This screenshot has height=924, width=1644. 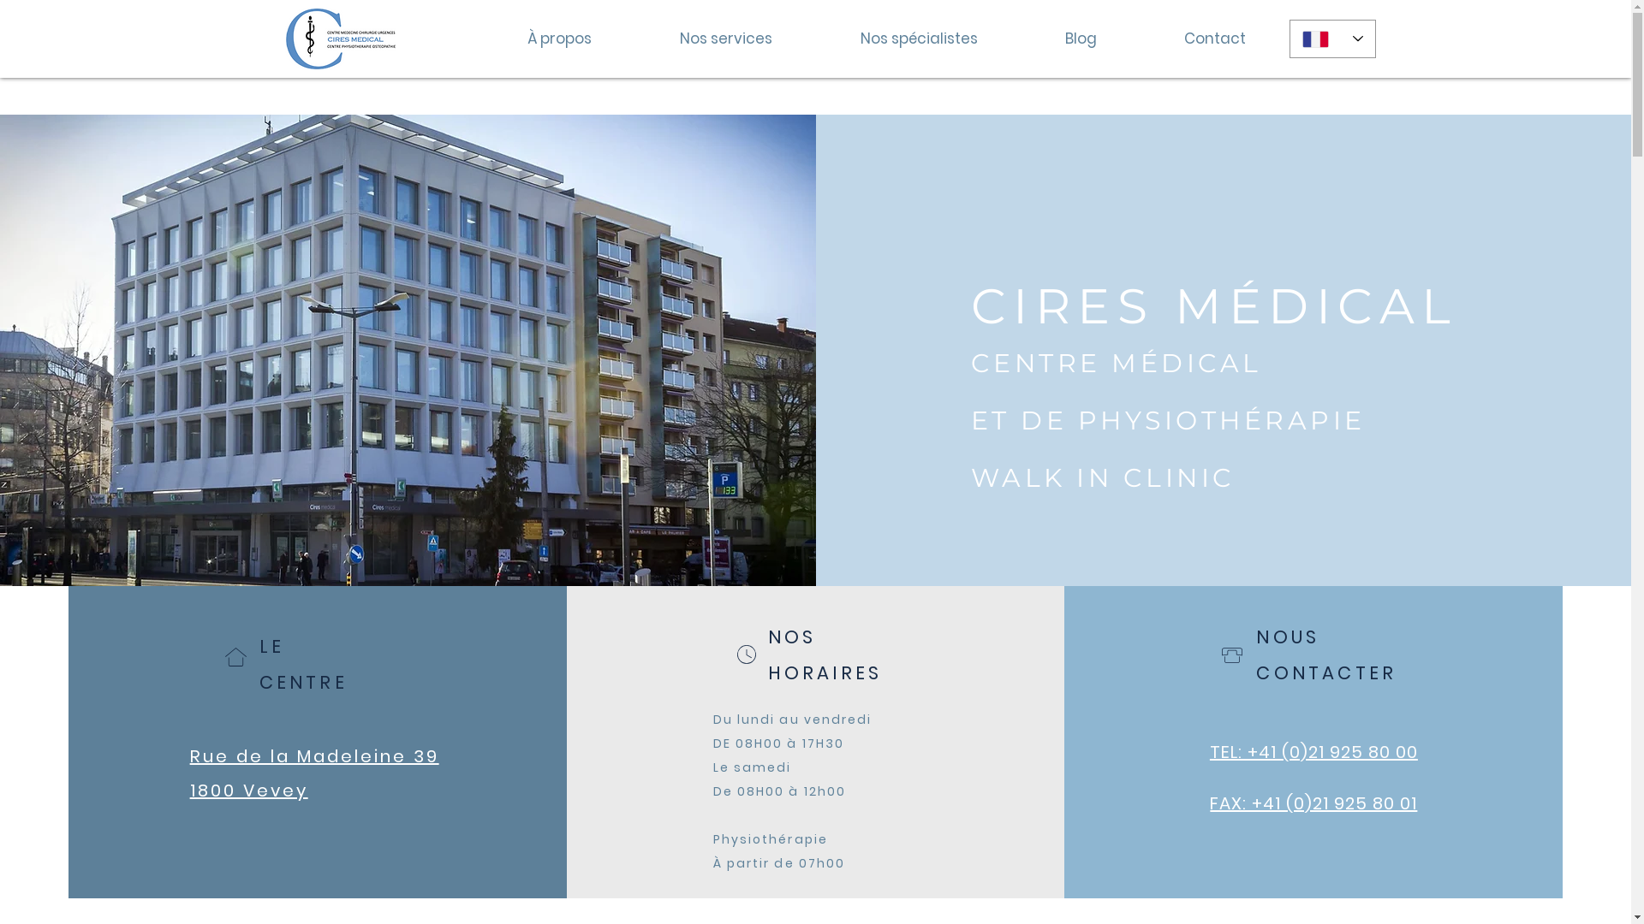 What do you see at coordinates (1313, 751) in the screenshot?
I see `'TEL: +41 (0)21 925 80 00'` at bounding box center [1313, 751].